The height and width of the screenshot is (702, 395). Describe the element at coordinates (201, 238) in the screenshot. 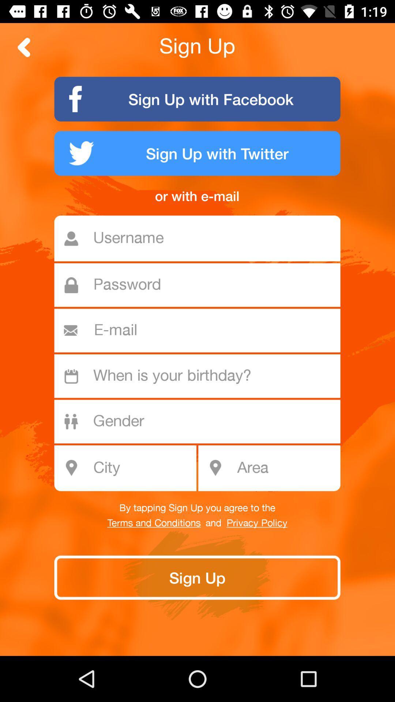

I see `type username` at that location.